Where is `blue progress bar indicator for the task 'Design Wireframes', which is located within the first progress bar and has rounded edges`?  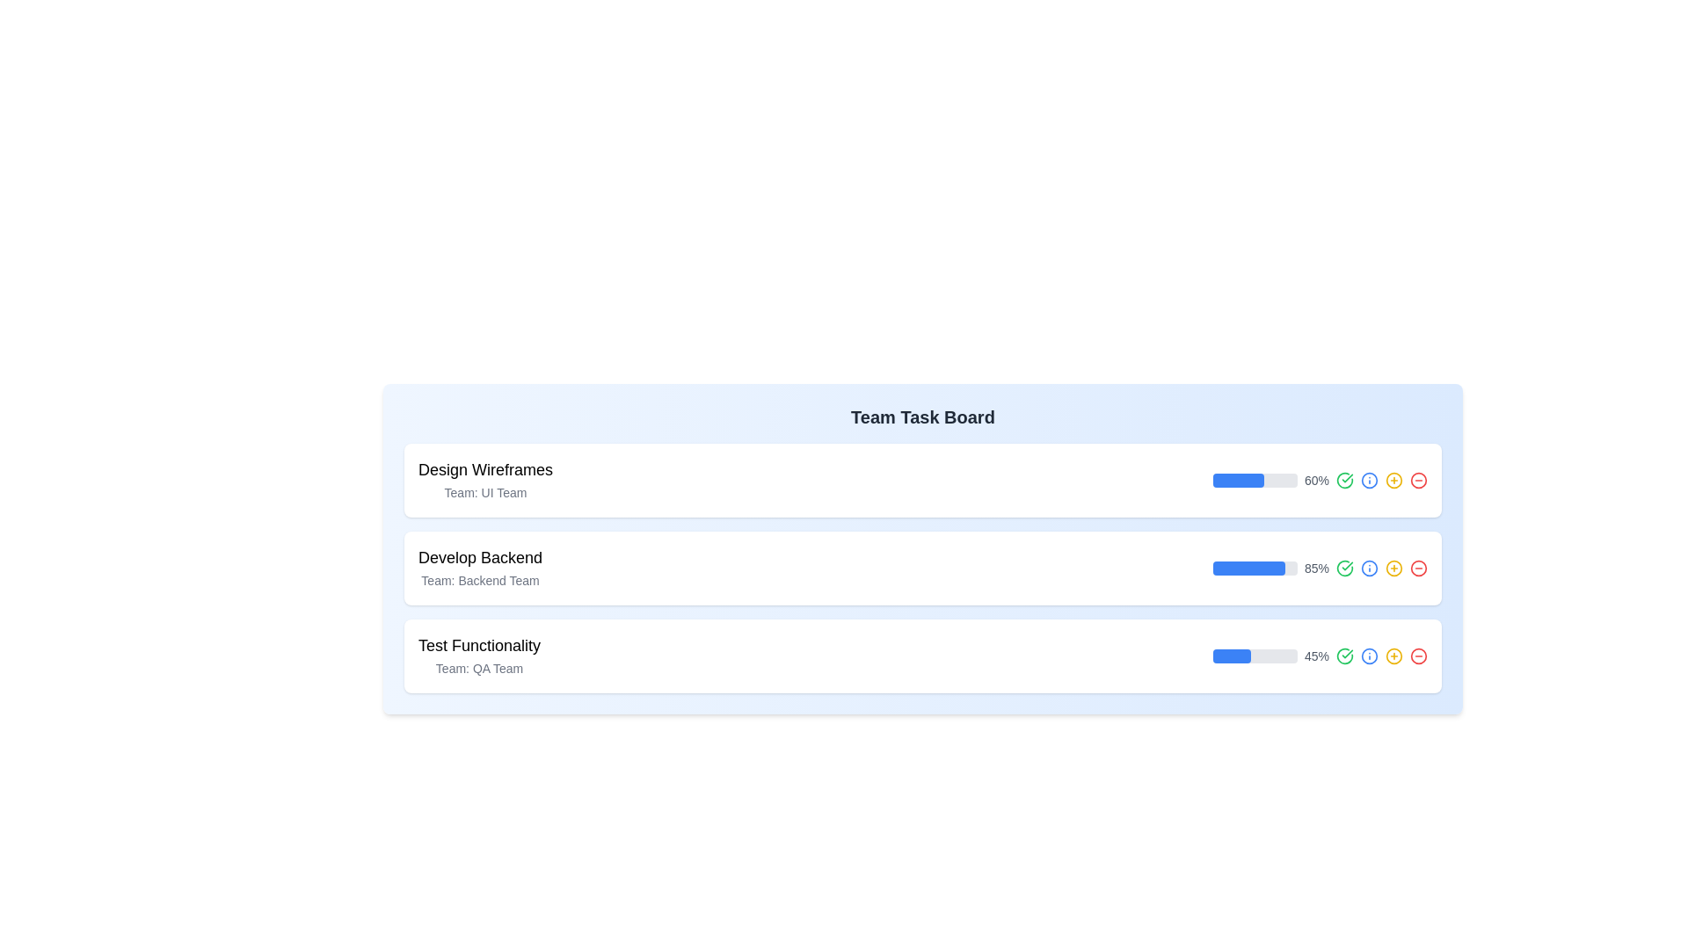
blue progress bar indicator for the task 'Design Wireframes', which is located within the first progress bar and has rounded edges is located at coordinates (1237, 481).